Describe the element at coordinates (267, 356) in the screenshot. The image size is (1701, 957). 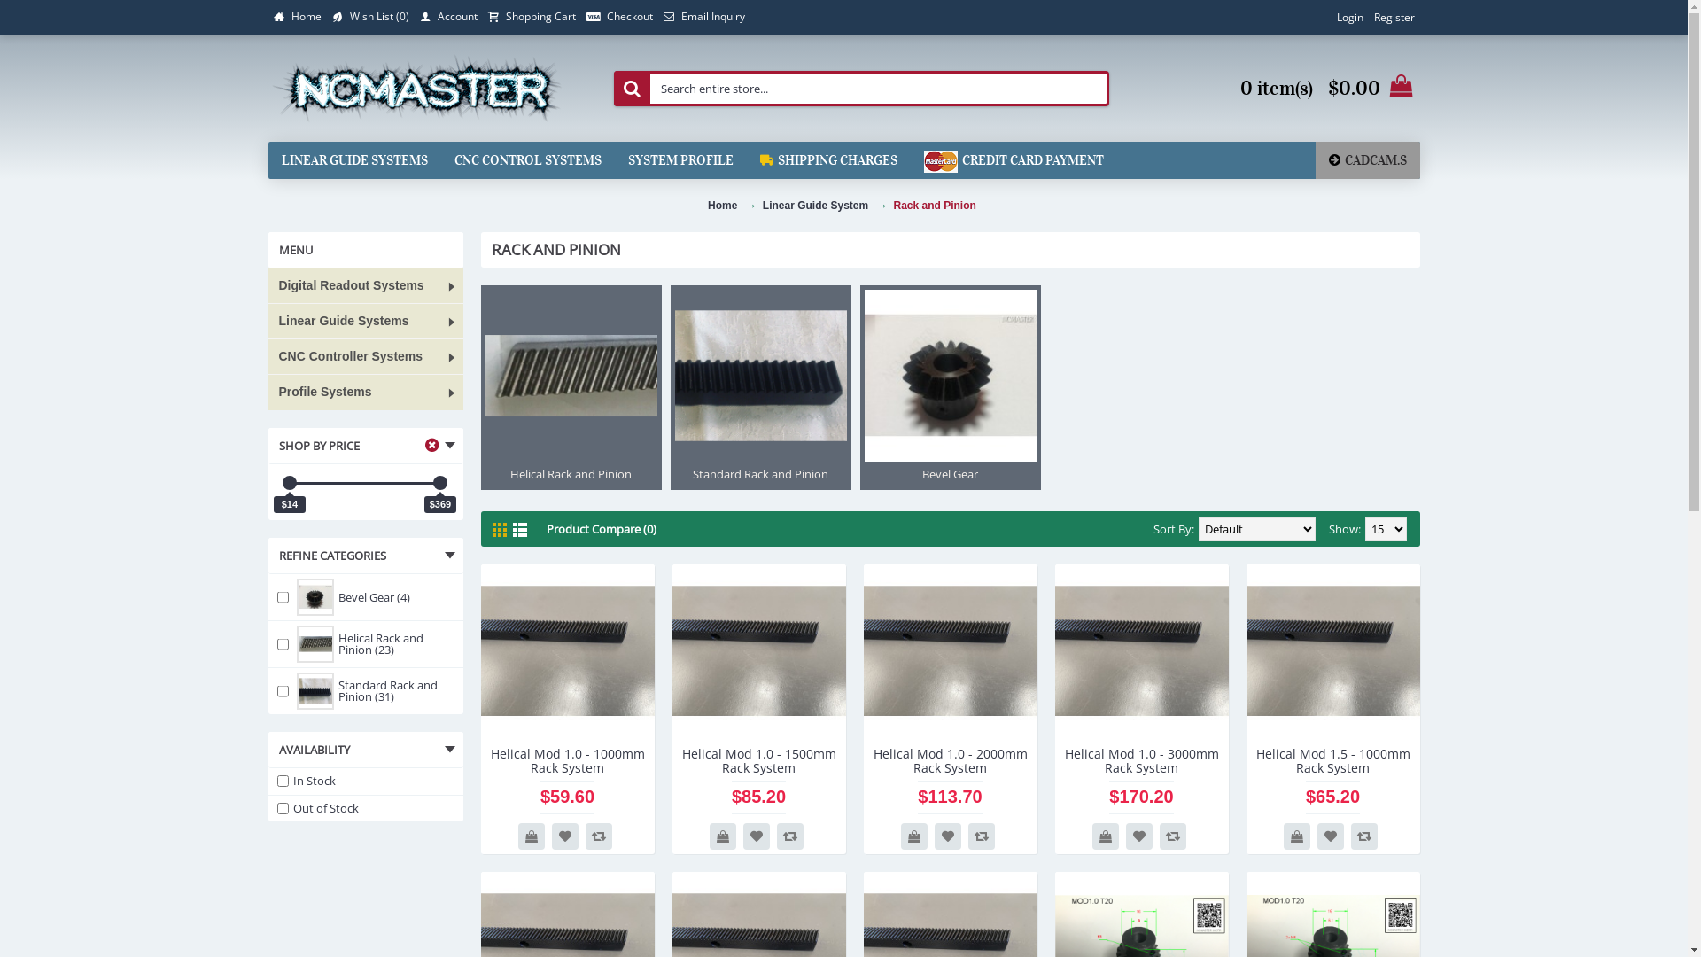
I see `'CNC Controller Systems'` at that location.